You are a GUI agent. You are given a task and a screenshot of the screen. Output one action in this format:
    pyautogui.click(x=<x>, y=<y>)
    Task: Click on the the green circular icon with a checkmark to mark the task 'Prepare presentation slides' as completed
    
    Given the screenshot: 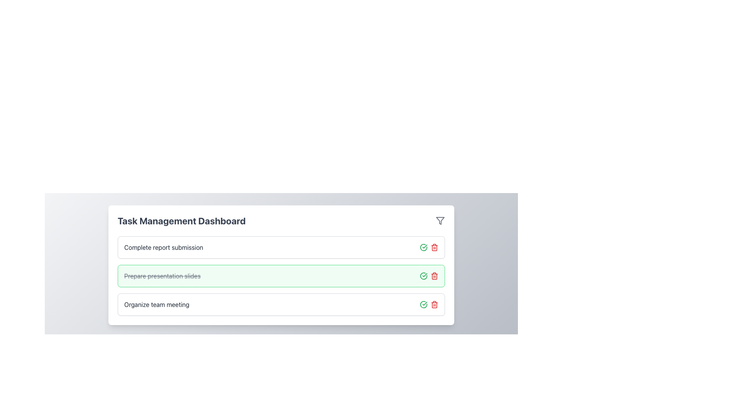 What is the action you would take?
    pyautogui.click(x=423, y=275)
    